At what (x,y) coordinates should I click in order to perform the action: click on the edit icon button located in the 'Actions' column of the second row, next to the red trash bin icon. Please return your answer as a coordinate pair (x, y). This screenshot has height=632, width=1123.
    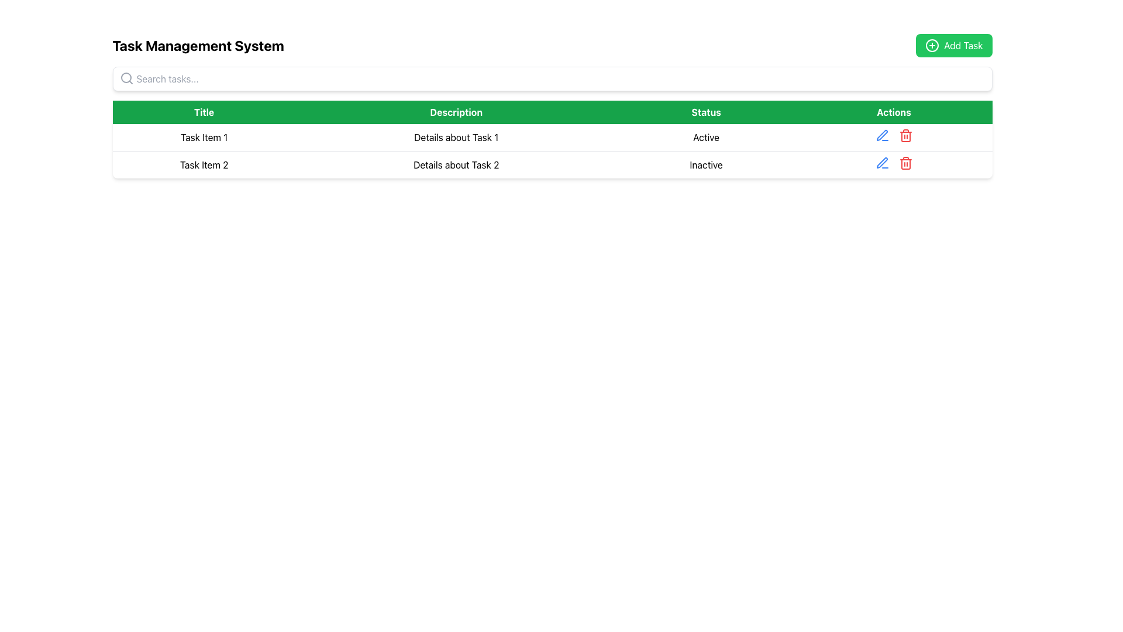
    Looking at the image, I should click on (882, 135).